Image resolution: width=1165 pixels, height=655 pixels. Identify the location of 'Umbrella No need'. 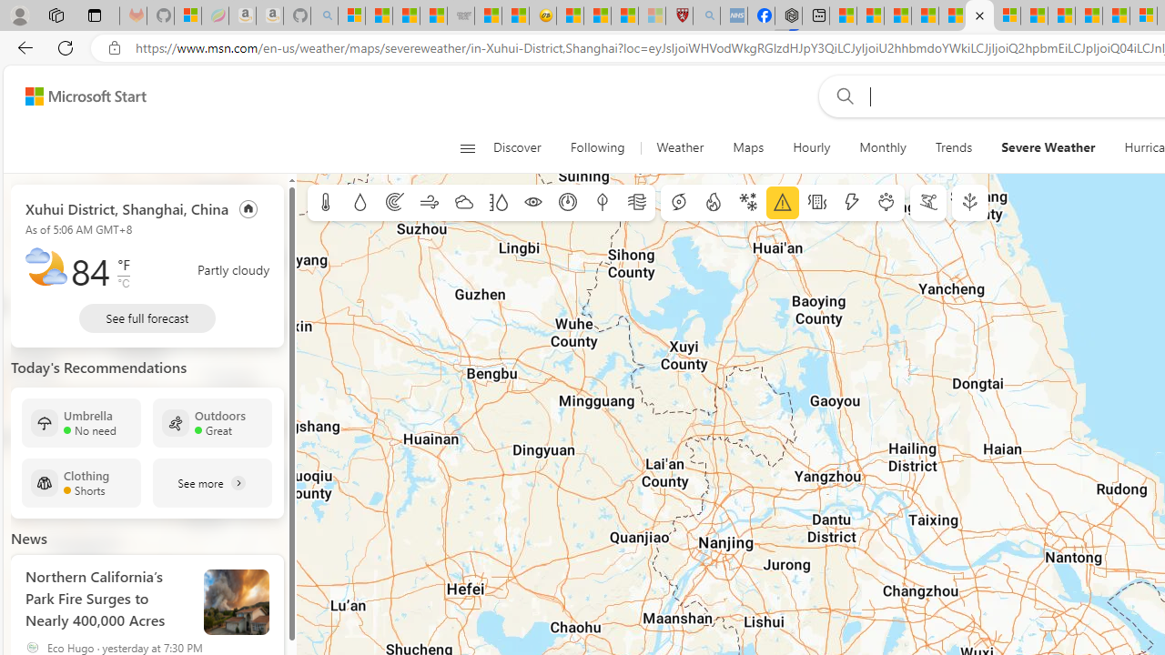
(80, 422).